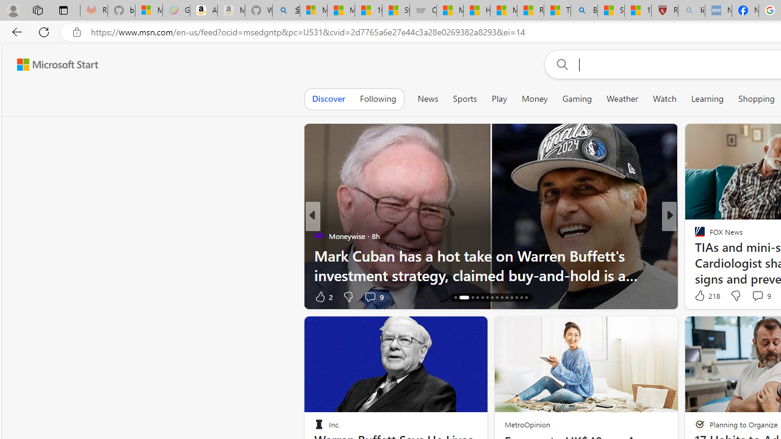  Describe the element at coordinates (701, 296) in the screenshot. I see `'78 Like'` at that location.